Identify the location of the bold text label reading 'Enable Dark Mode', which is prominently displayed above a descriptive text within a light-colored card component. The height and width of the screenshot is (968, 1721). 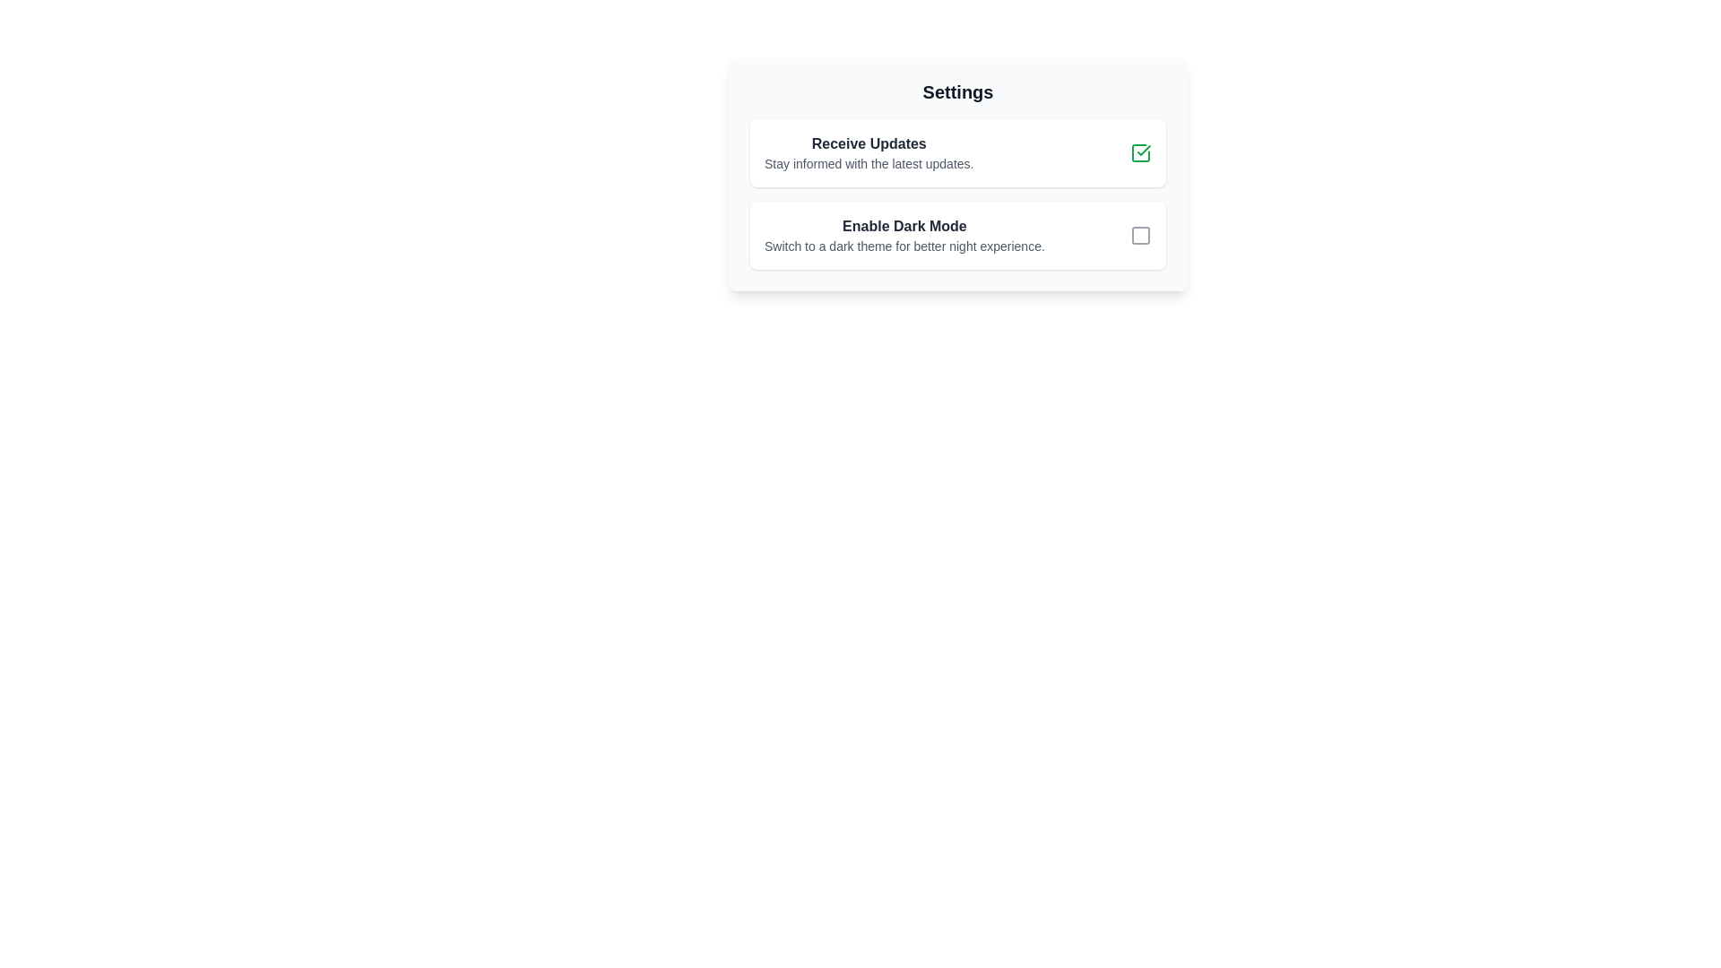
(904, 226).